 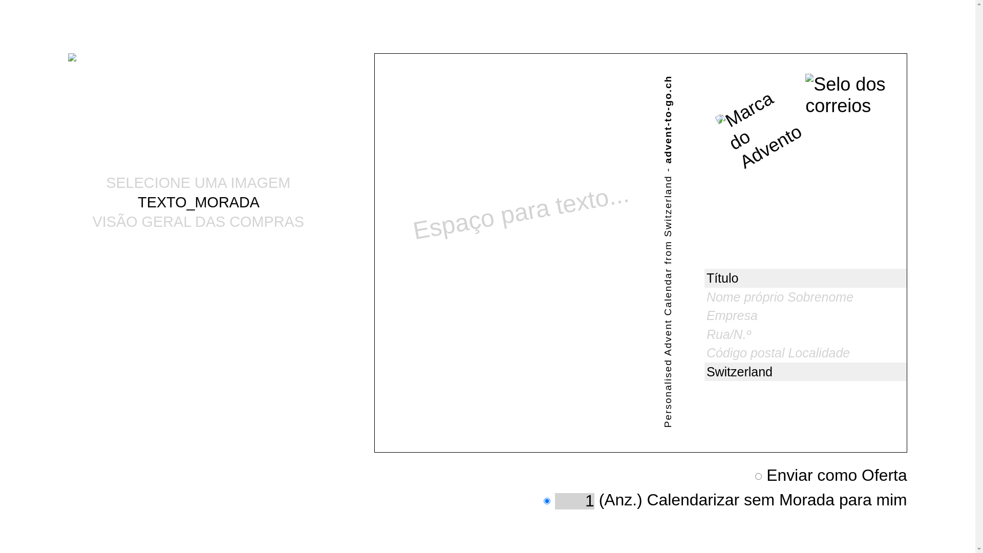 What do you see at coordinates (198, 182) in the screenshot?
I see `'SELECIONE UMA IMAGEM'` at bounding box center [198, 182].